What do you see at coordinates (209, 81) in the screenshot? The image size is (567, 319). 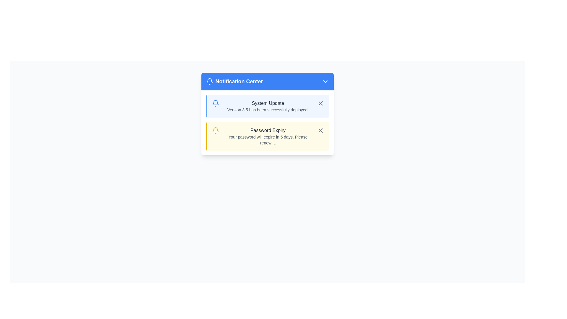 I see `the bell icon that signifies notifications, located adjacent to the 'Notification Center' header in the top-left area of the interface` at bounding box center [209, 81].